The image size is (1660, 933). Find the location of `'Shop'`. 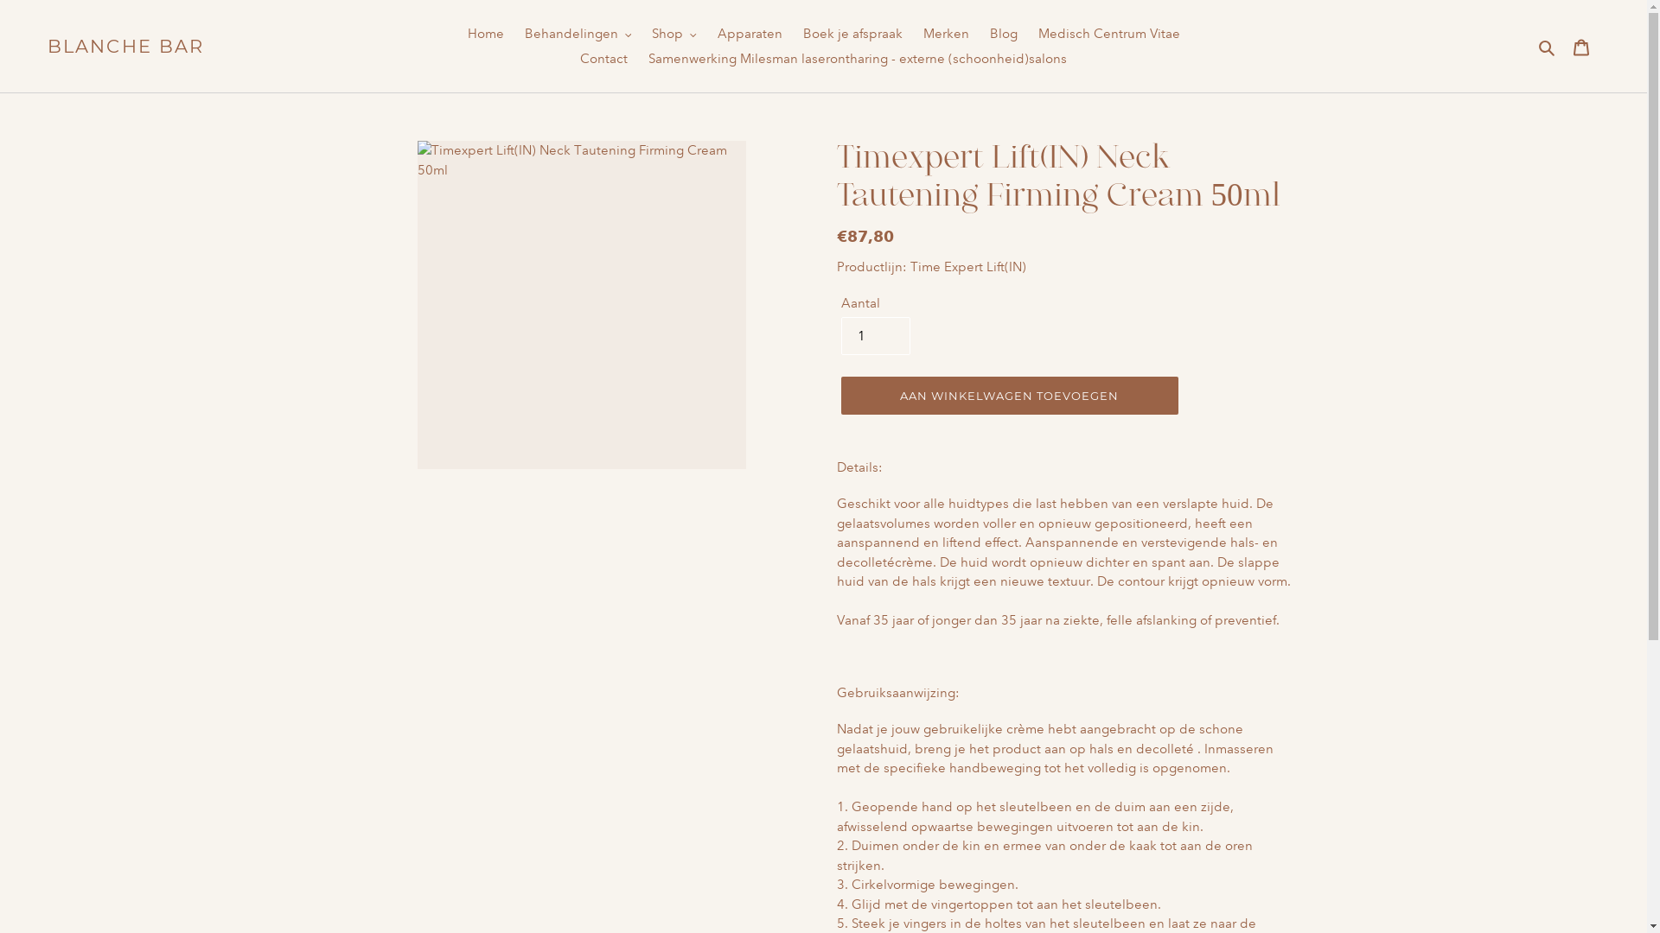

'Shop' is located at coordinates (673, 34).